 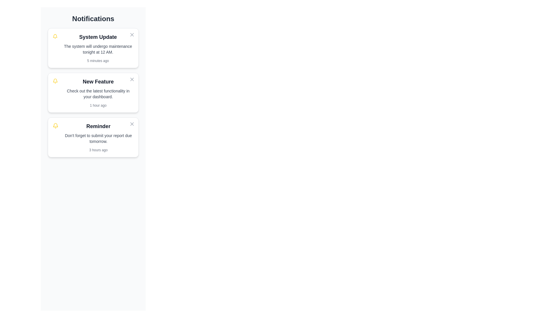 I want to click on the first notification card in the notification panel that informs about upcoming system maintenance at 12 AM, so click(x=93, y=48).